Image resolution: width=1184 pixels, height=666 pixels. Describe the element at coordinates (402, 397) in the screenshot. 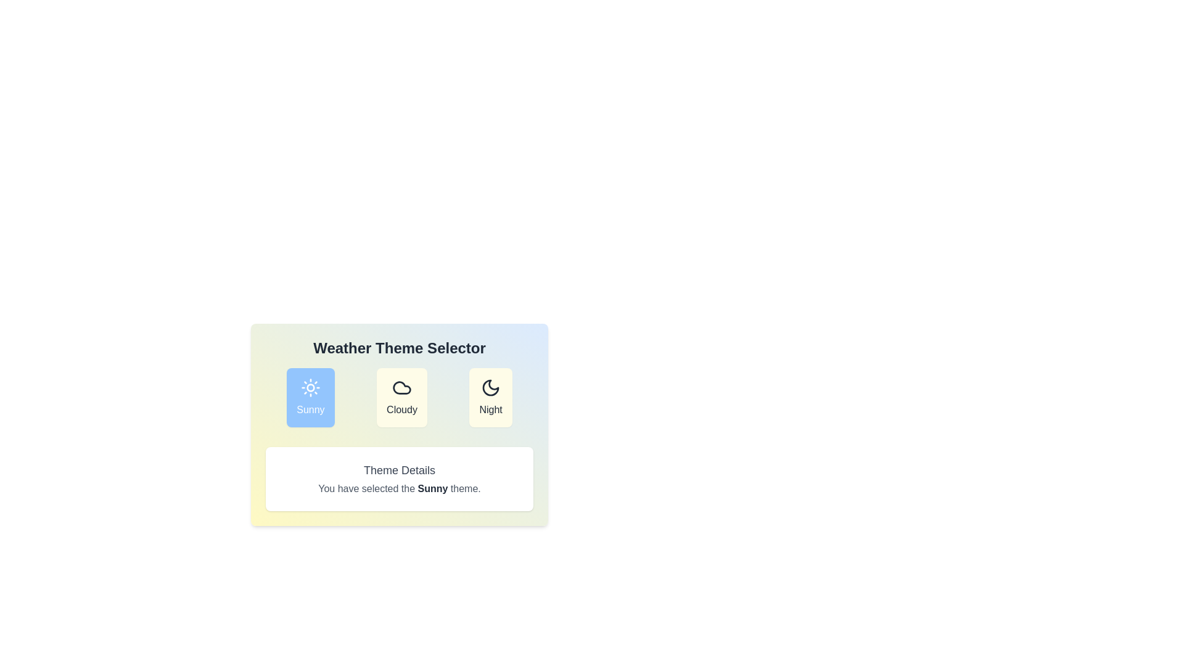

I see `the button corresponding to the selected theme: Cloudy` at that location.